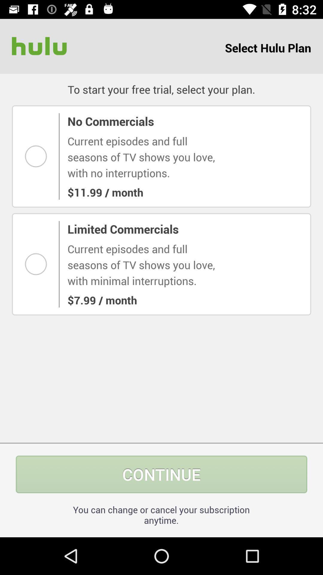  Describe the element at coordinates (38, 156) in the screenshot. I see `this option` at that location.